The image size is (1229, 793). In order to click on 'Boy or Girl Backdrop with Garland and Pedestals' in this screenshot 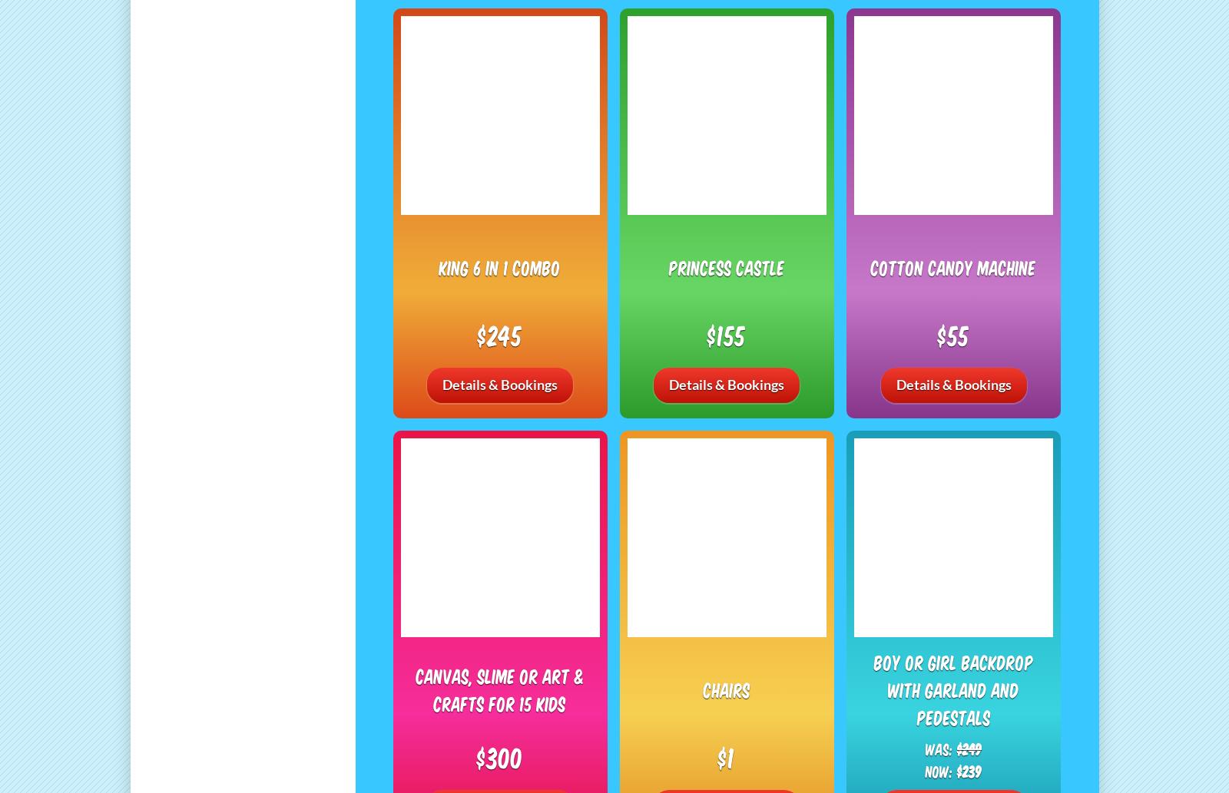, I will do `click(873, 688)`.